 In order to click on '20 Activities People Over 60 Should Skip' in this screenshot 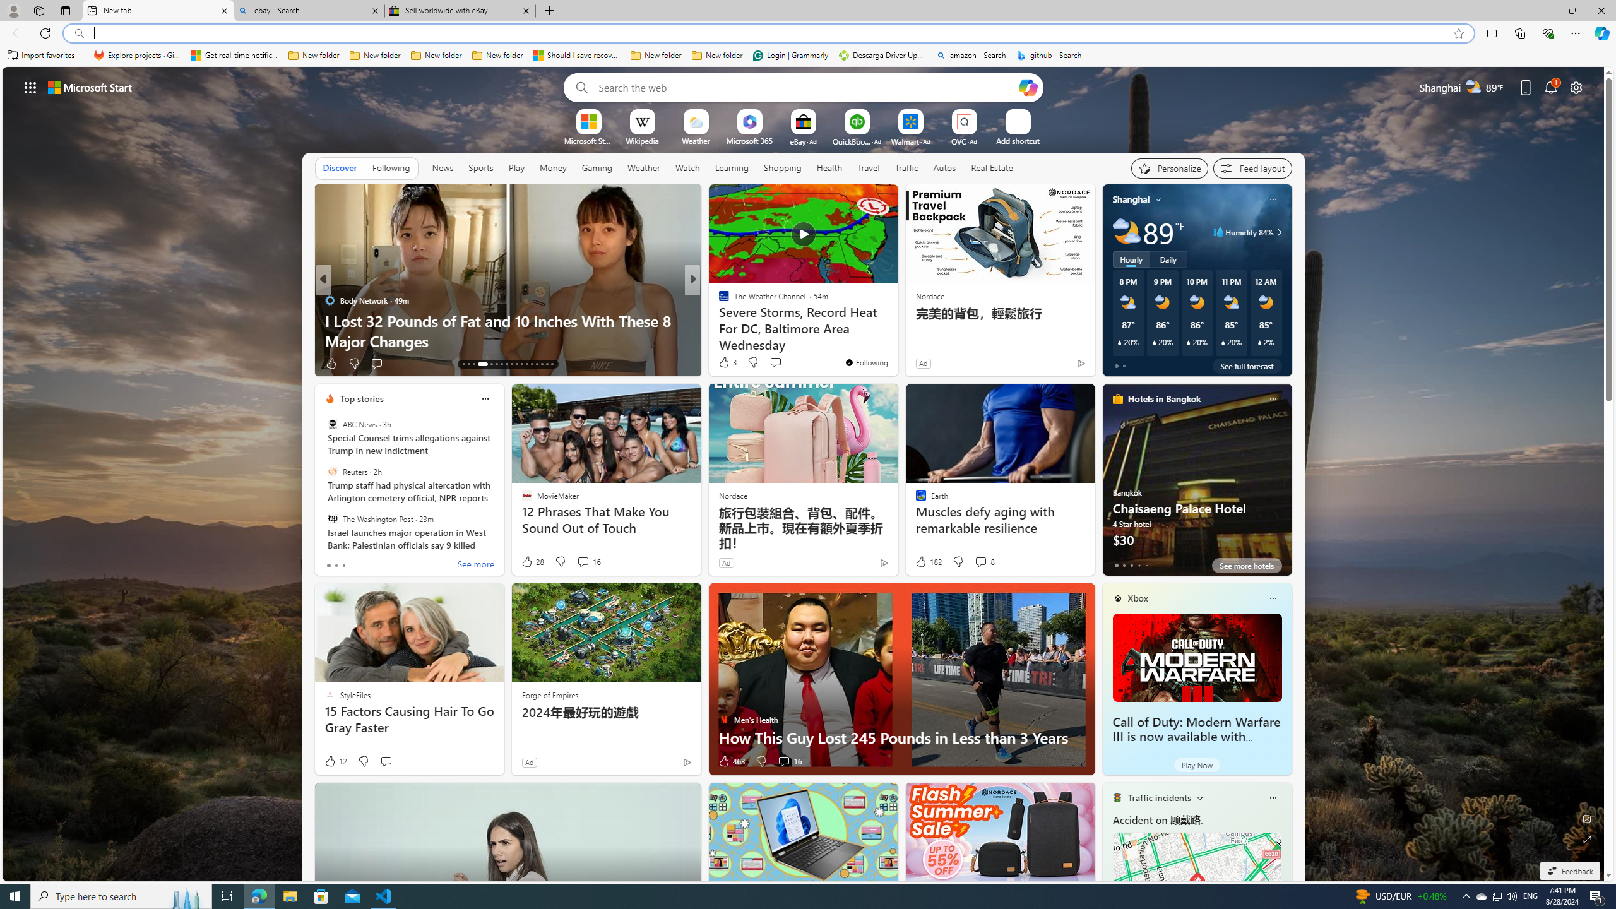, I will do `click(895, 341)`.